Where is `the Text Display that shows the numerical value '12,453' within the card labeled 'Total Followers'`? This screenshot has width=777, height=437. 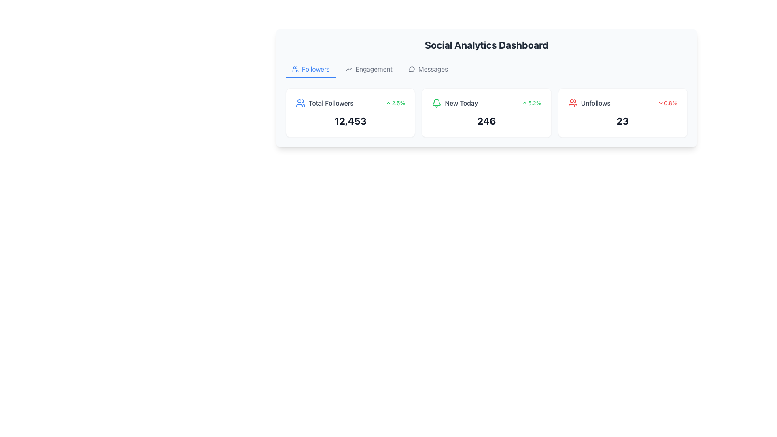 the Text Display that shows the numerical value '12,453' within the card labeled 'Total Followers' is located at coordinates (350, 121).